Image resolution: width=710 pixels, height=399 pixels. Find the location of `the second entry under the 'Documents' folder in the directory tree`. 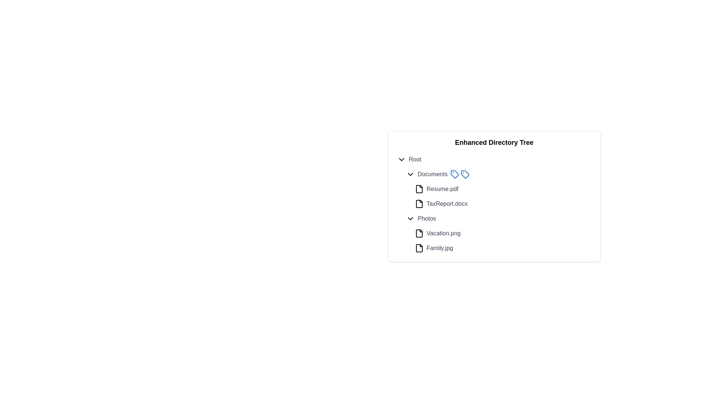

the second entry under the 'Documents' folder in the directory tree is located at coordinates (503, 204).